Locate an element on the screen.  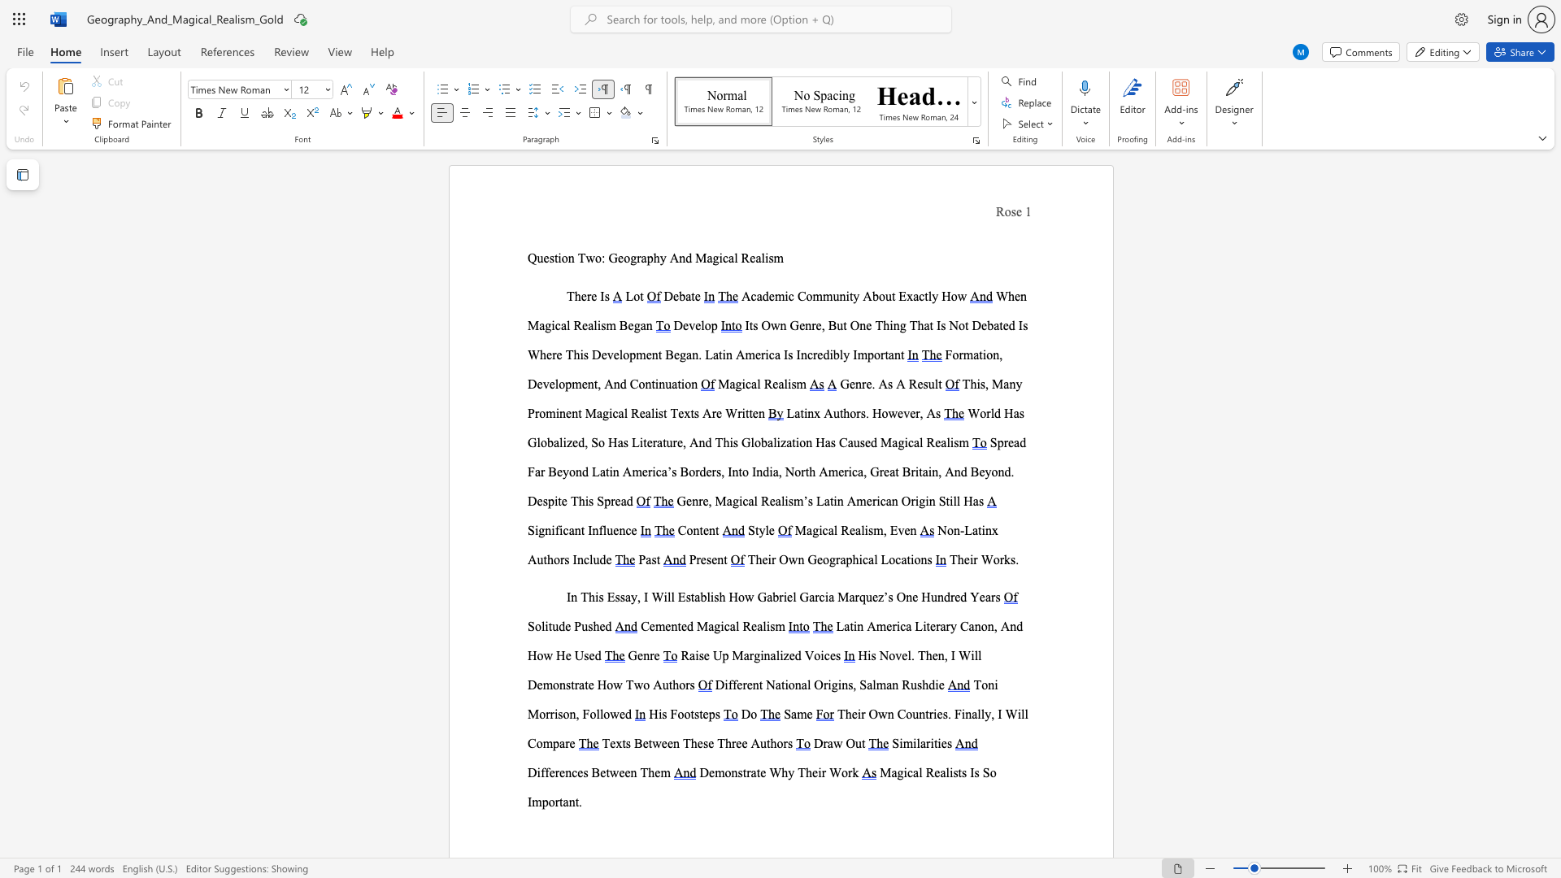
the subset text "Re" within the text "Cemented Magical Realism" is located at coordinates (741, 625).